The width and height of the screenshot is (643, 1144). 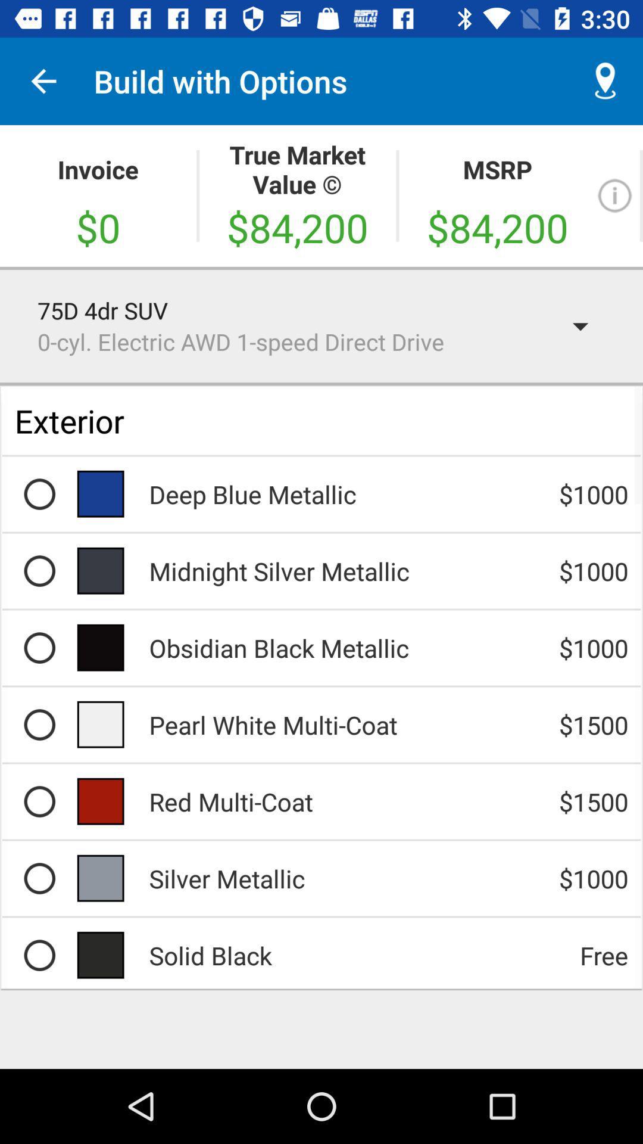 What do you see at coordinates (39, 801) in the screenshot?
I see `color choice` at bounding box center [39, 801].